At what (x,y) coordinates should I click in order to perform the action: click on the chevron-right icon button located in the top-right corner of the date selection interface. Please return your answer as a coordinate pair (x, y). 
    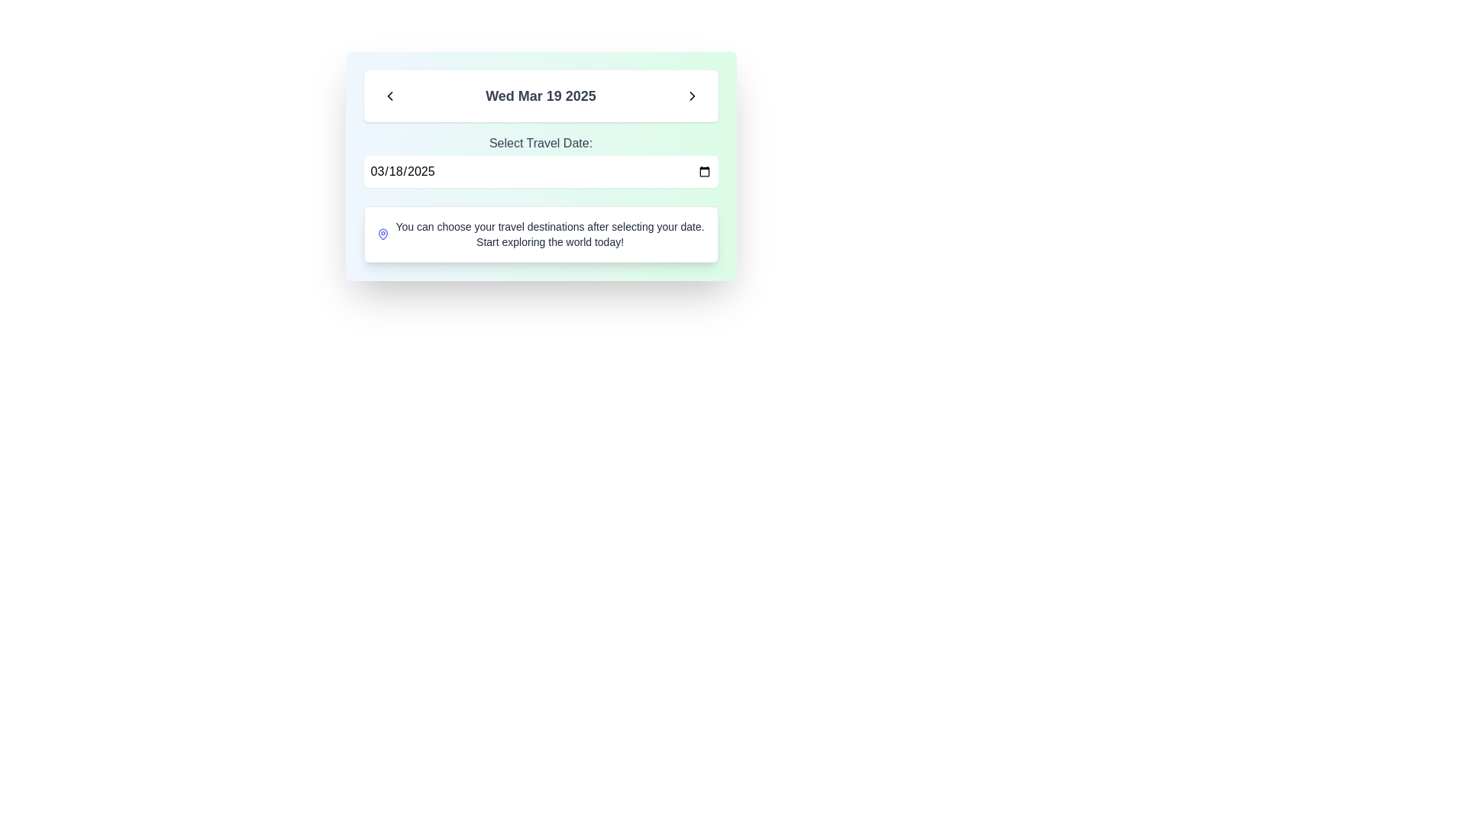
    Looking at the image, I should click on (691, 96).